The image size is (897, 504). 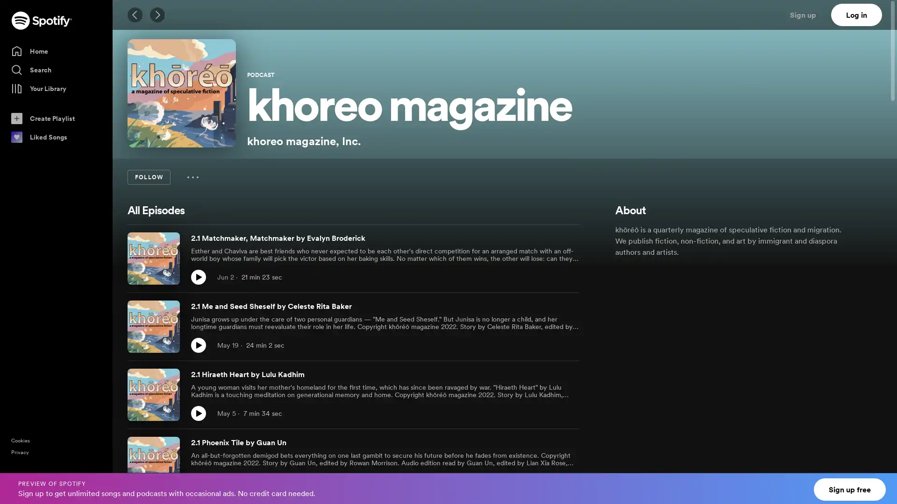 I want to click on Share, so click(x=551, y=413).